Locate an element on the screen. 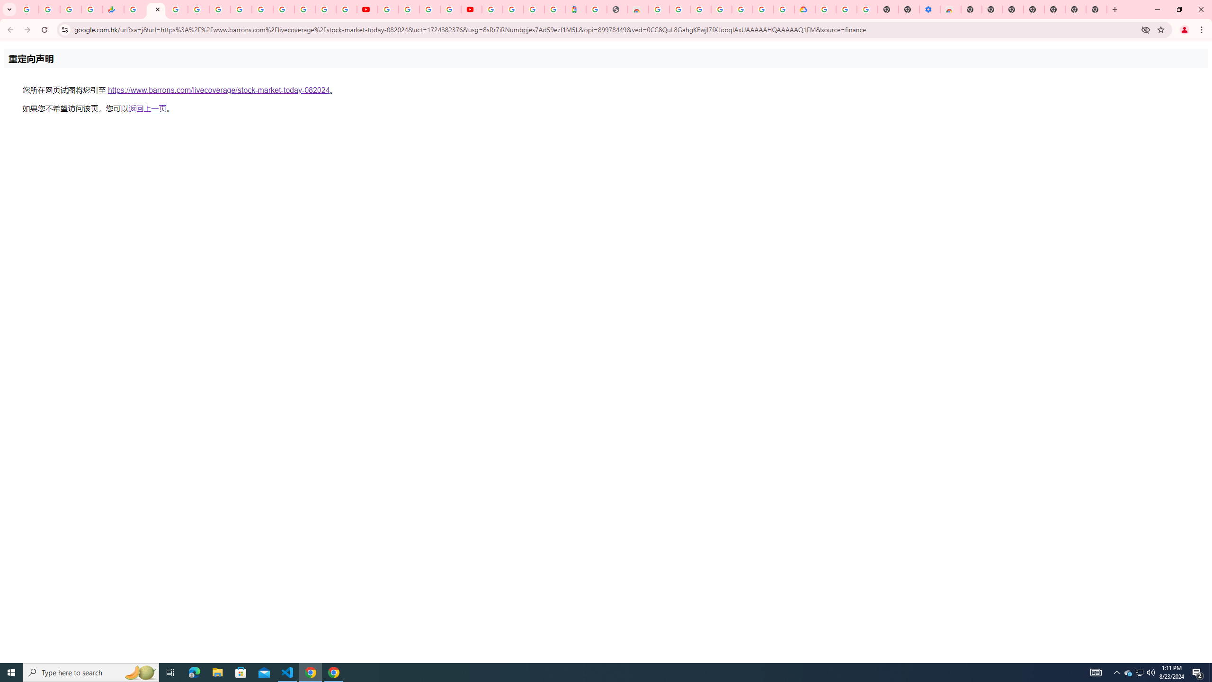 This screenshot has width=1212, height=682. 'YouTube' is located at coordinates (388, 9).